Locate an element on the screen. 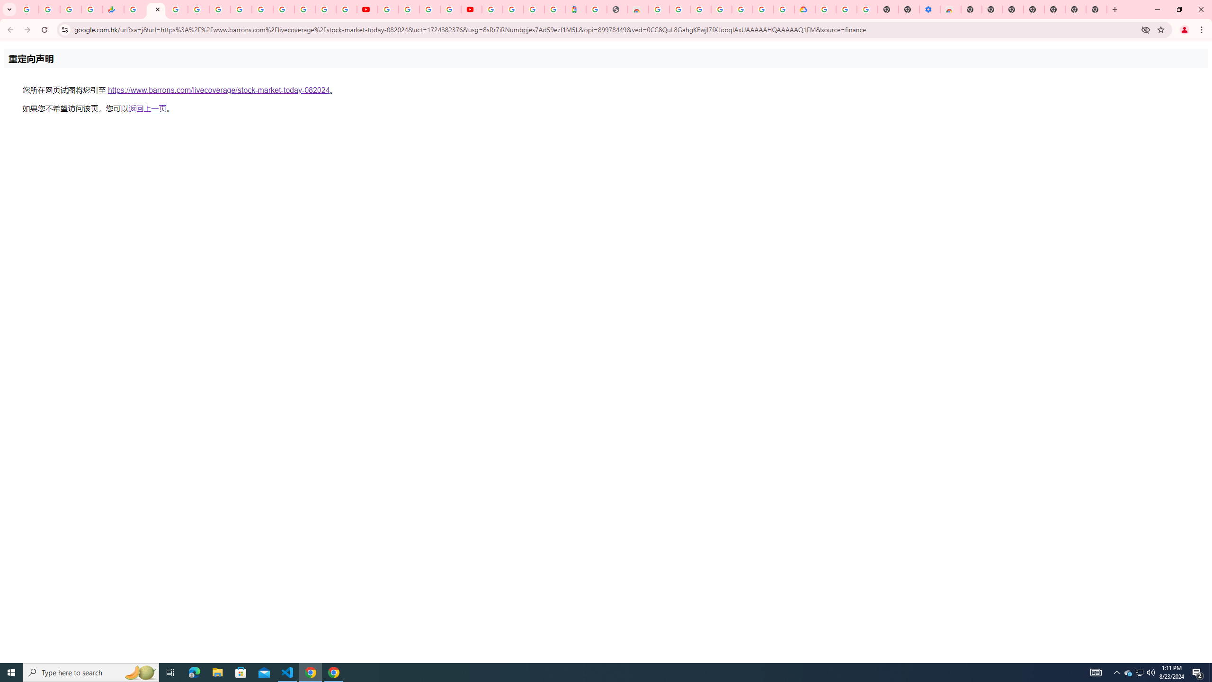 This screenshot has width=1212, height=682. 'YouTube' is located at coordinates (388, 9).